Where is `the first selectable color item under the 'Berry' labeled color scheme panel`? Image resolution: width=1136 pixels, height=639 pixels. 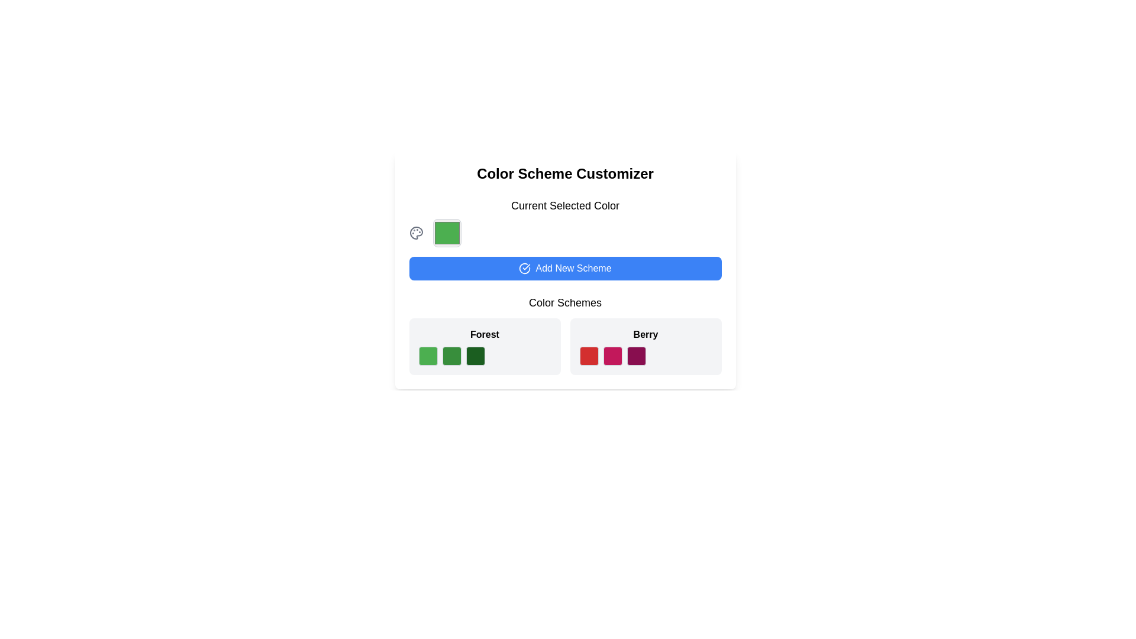 the first selectable color item under the 'Berry' labeled color scheme panel is located at coordinates (589, 355).